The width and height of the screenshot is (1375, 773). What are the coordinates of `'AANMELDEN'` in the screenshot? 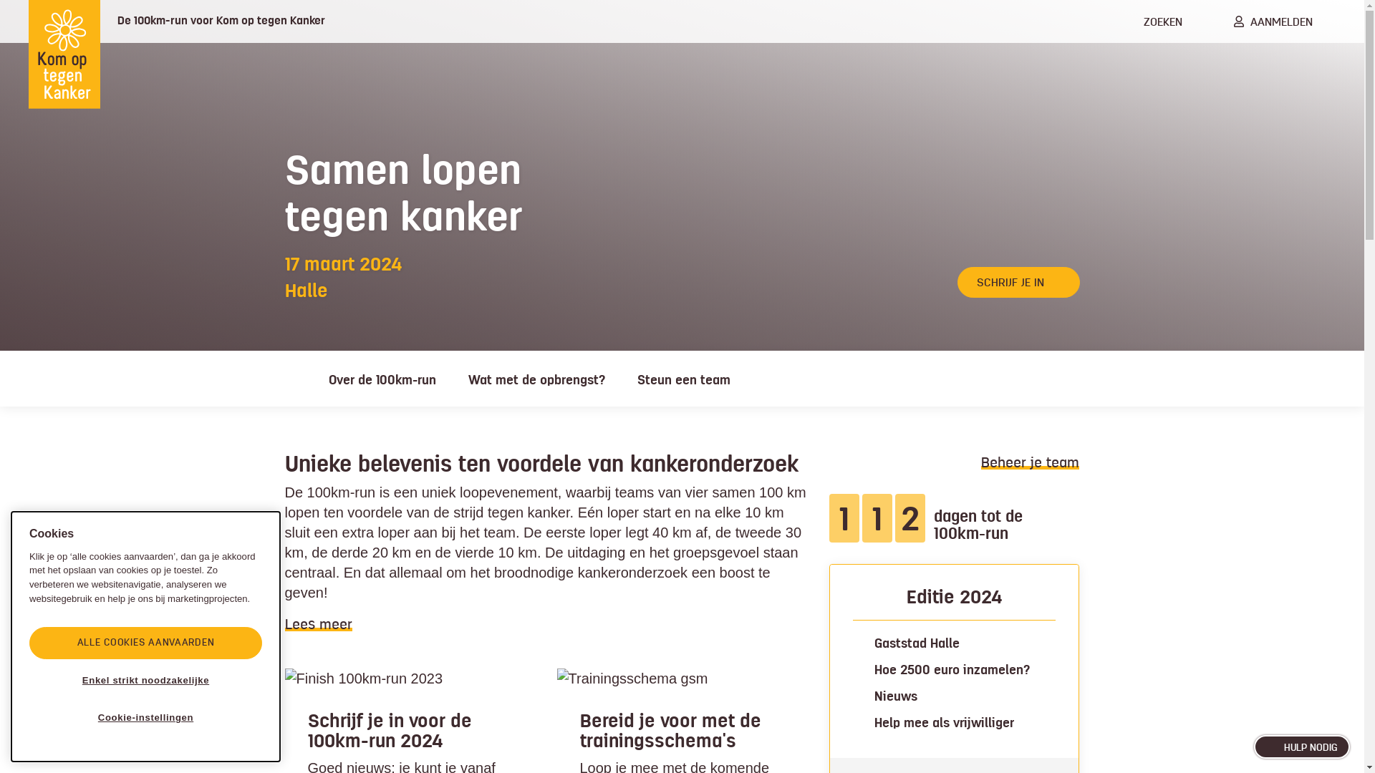 It's located at (1273, 21).